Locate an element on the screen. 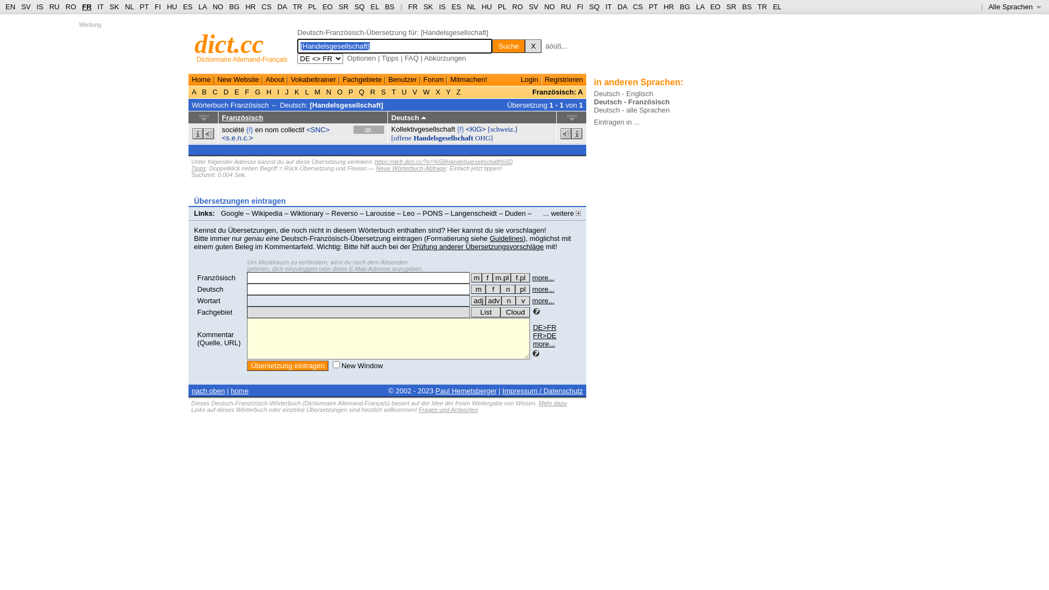  'FR' is located at coordinates (412, 7).